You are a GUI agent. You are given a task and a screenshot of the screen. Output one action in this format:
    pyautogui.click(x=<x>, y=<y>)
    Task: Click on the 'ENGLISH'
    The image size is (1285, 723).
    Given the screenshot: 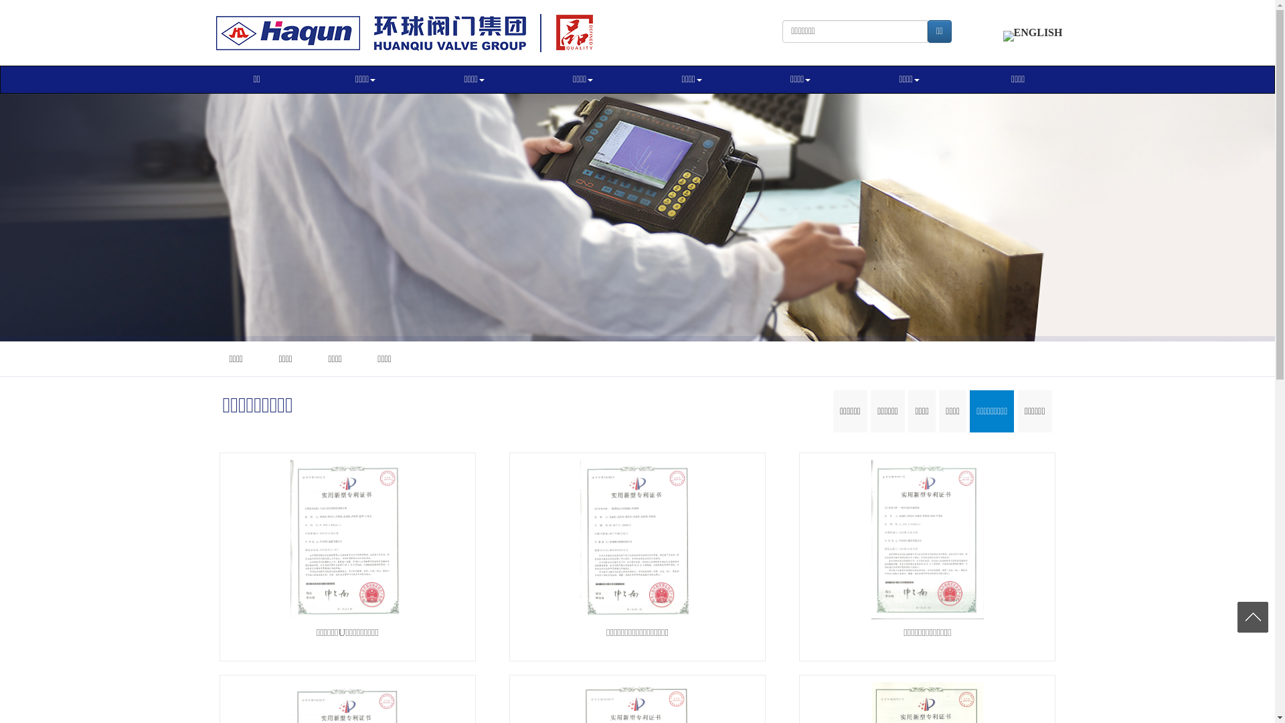 What is the action you would take?
    pyautogui.click(x=1032, y=31)
    